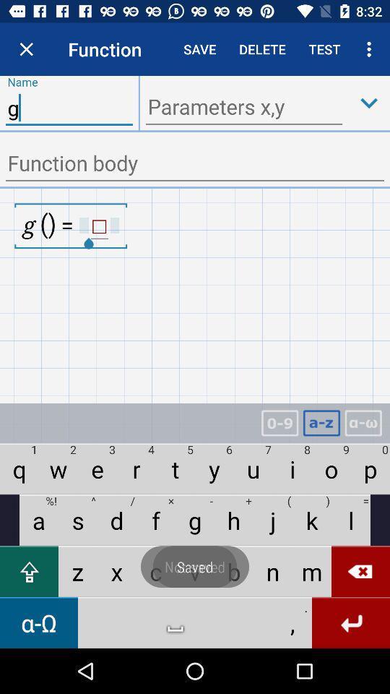 This screenshot has width=390, height=694. Describe the element at coordinates (369, 102) in the screenshot. I see `the expand_more icon` at that location.